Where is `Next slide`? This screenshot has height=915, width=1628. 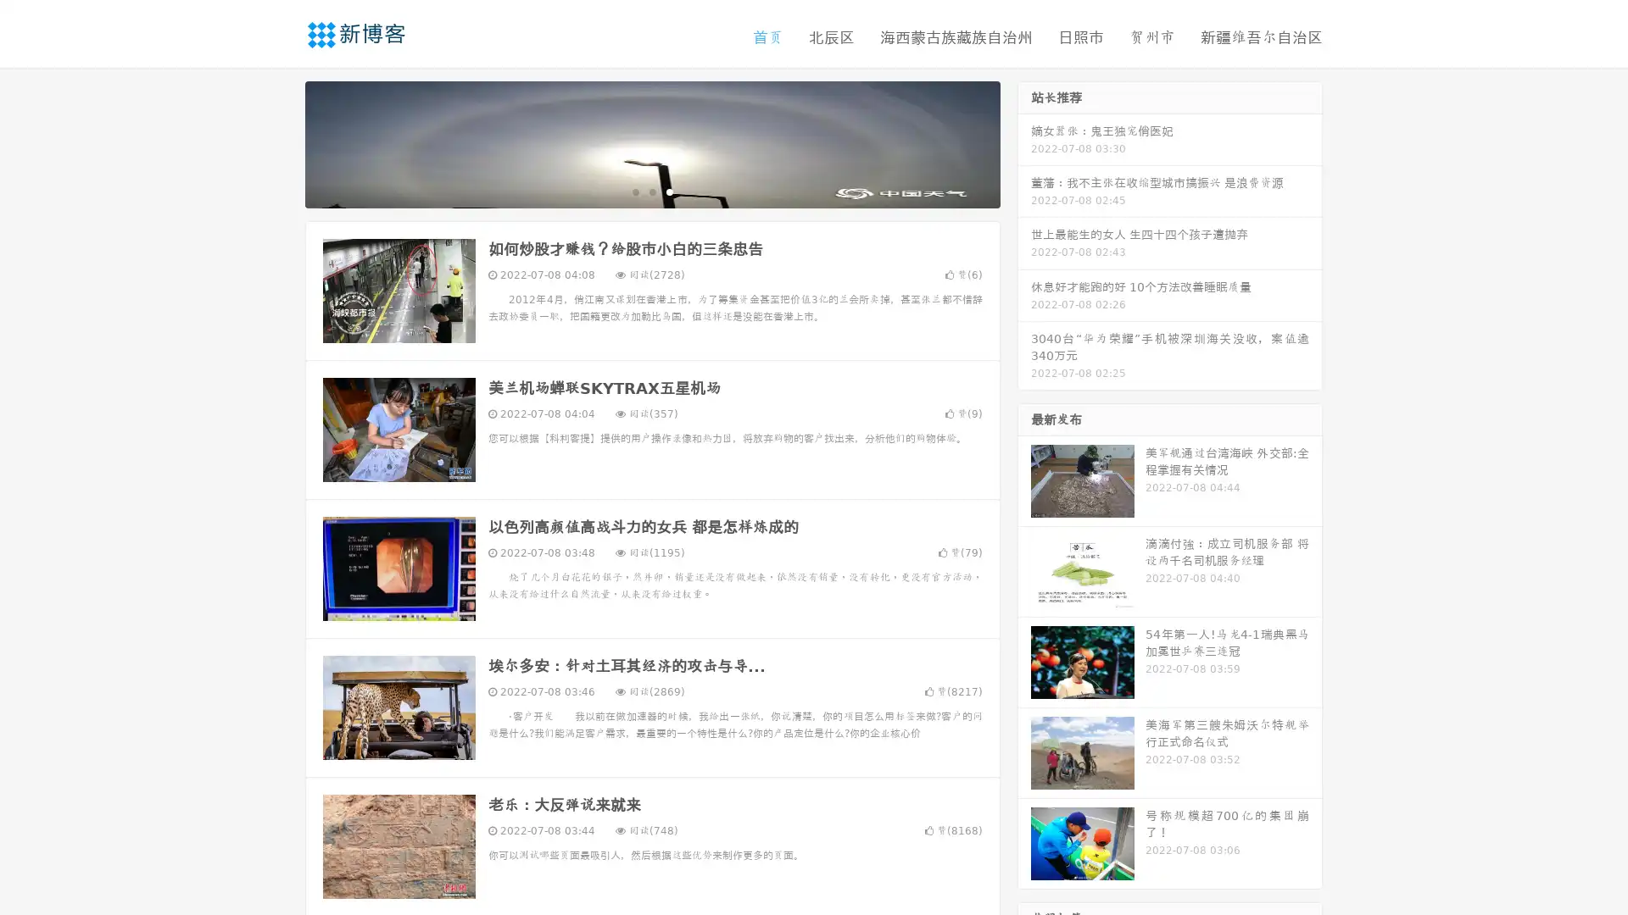 Next slide is located at coordinates (1024, 142).